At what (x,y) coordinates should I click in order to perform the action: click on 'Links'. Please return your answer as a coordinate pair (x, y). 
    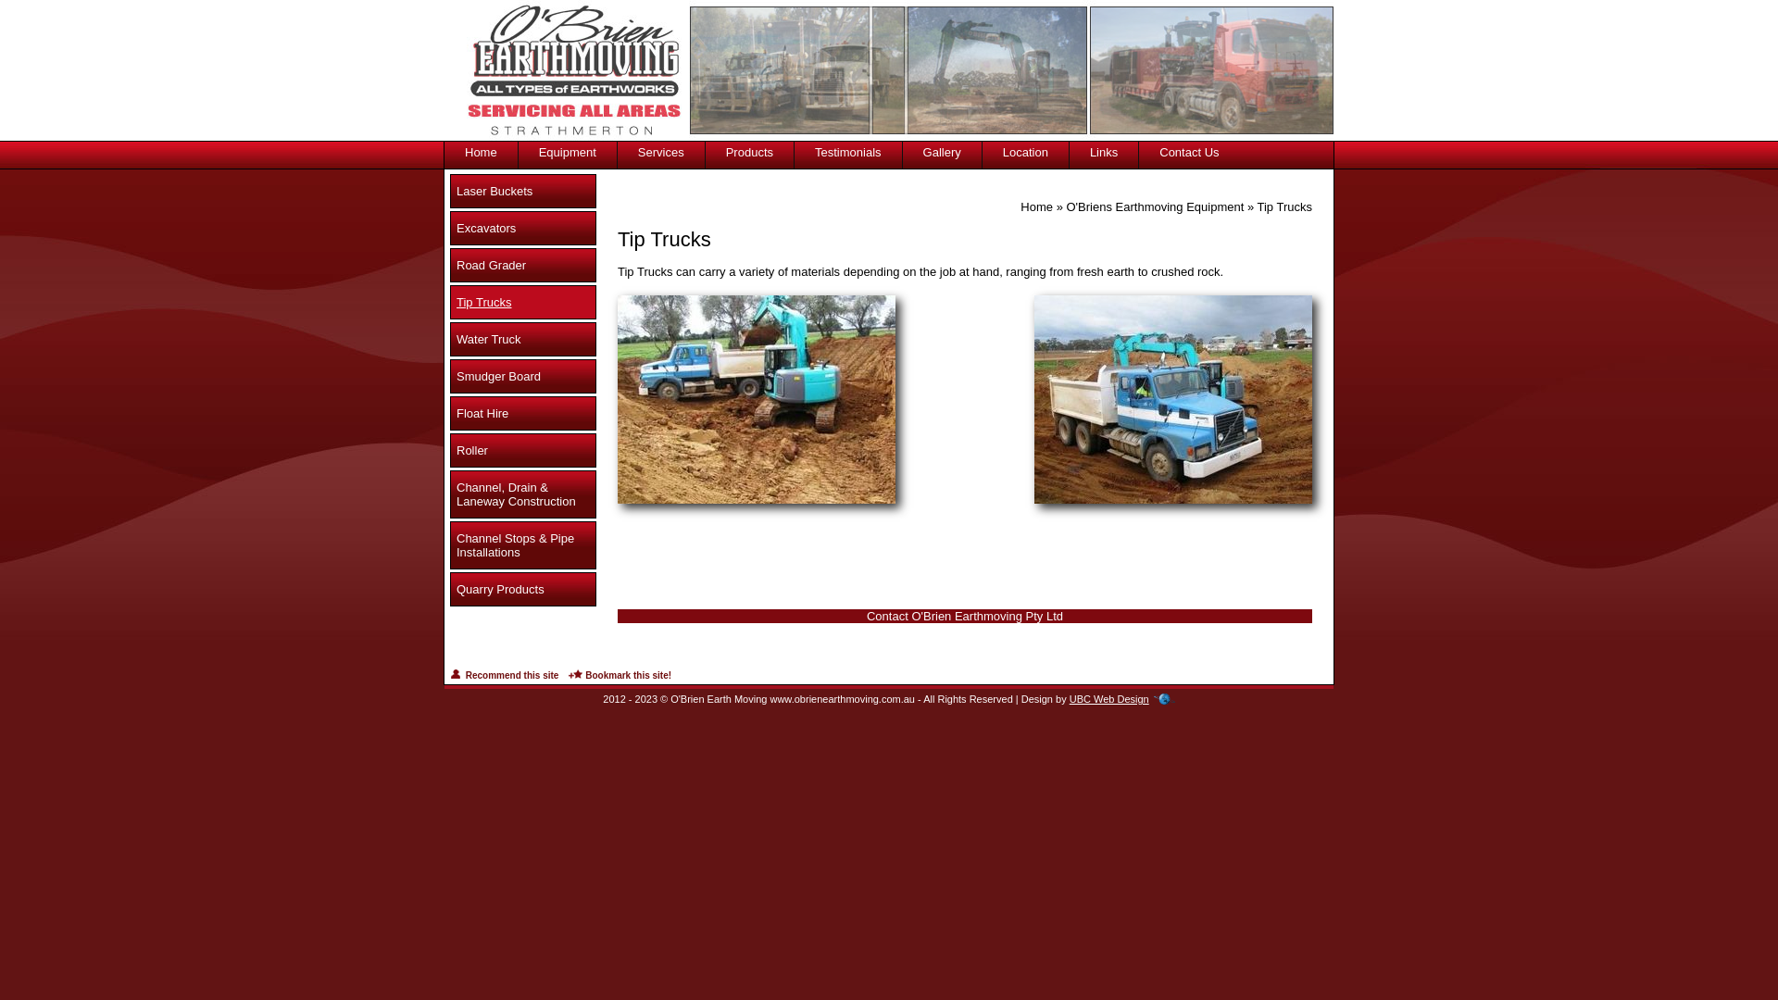
    Looking at the image, I should click on (1103, 144).